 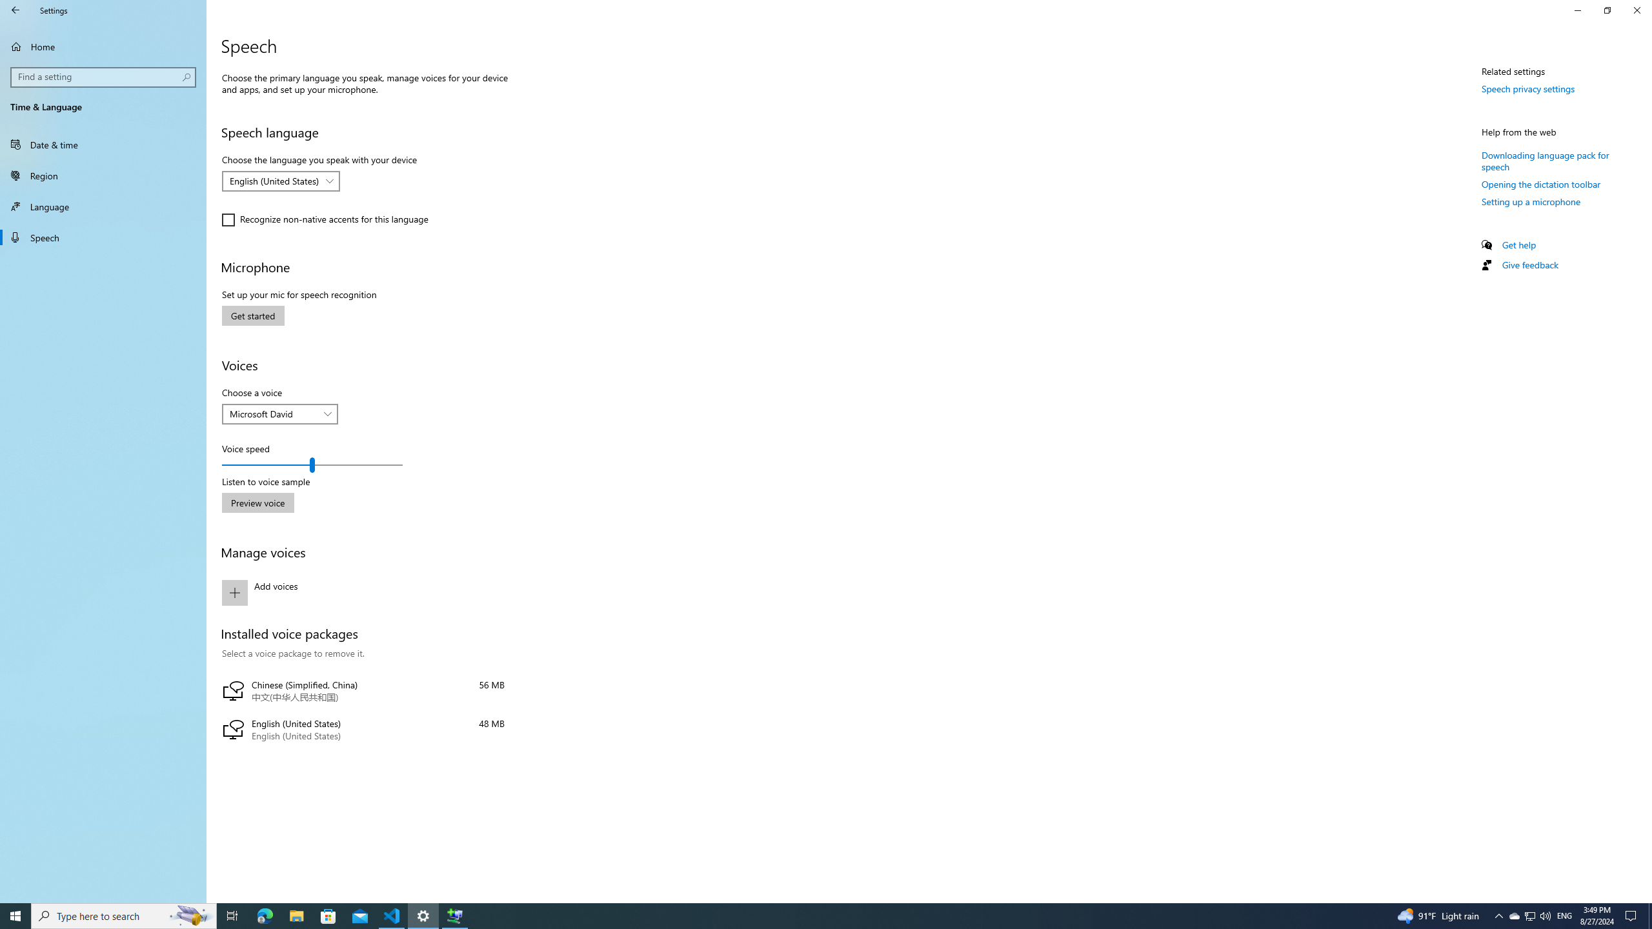 What do you see at coordinates (281, 180) in the screenshot?
I see `'Choose the language you speak with your device'` at bounding box center [281, 180].